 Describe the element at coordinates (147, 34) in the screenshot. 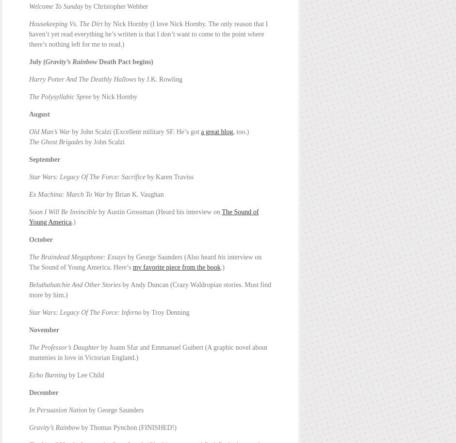

I see `'by Nick Hornby (I love Nick Hornby. The only reason that I haven’t yet read everything he’s written is that I don’t want to come to the point where there’s nothing left for me to read.)'` at that location.